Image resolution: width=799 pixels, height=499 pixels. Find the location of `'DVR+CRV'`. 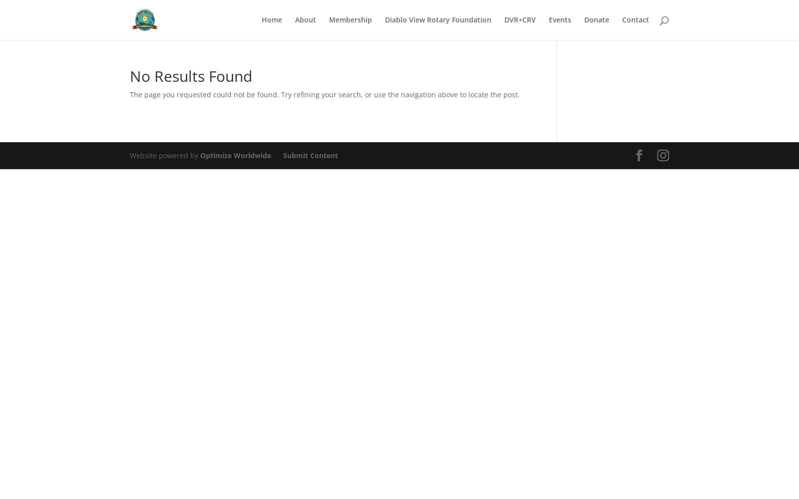

'DVR+CRV' is located at coordinates (520, 19).